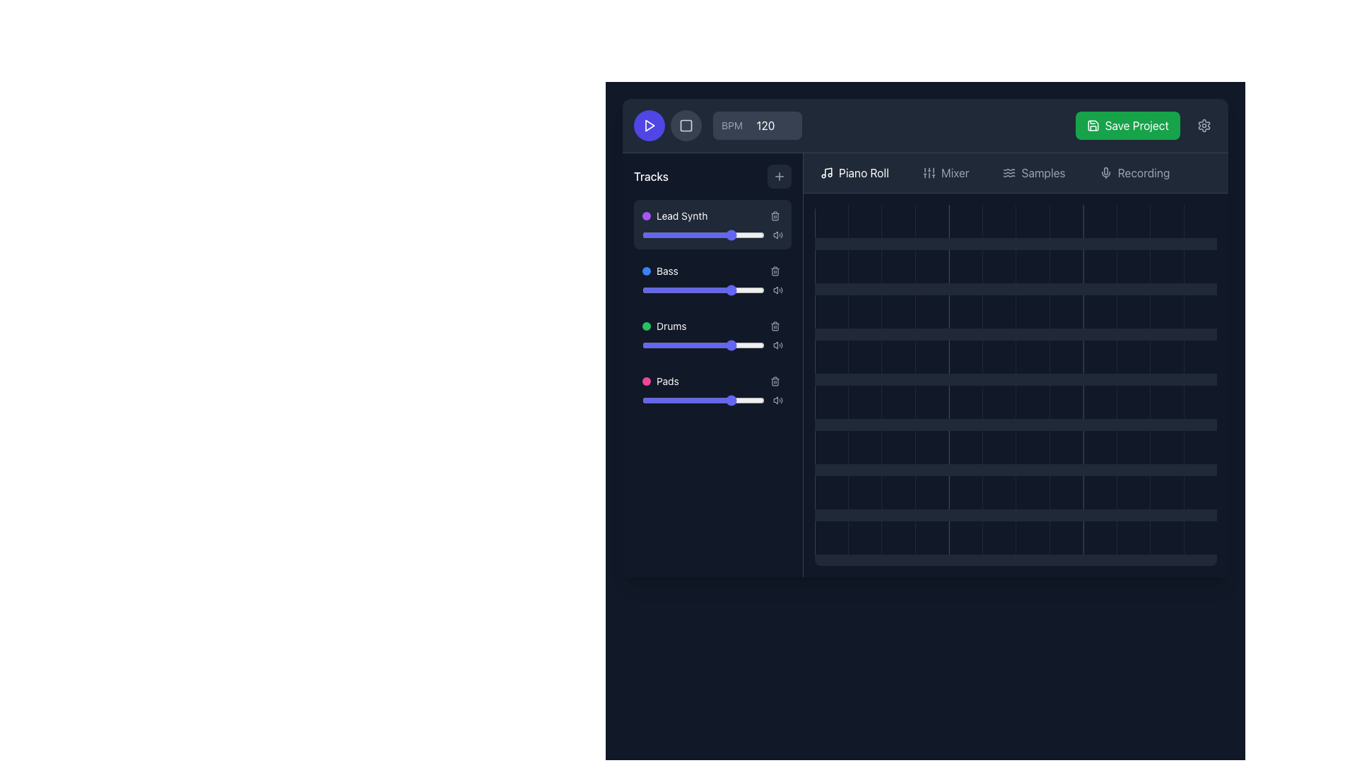 The image size is (1357, 763). What do you see at coordinates (1146, 124) in the screenshot?
I see `the save button located in the top-right corner of the header` at bounding box center [1146, 124].